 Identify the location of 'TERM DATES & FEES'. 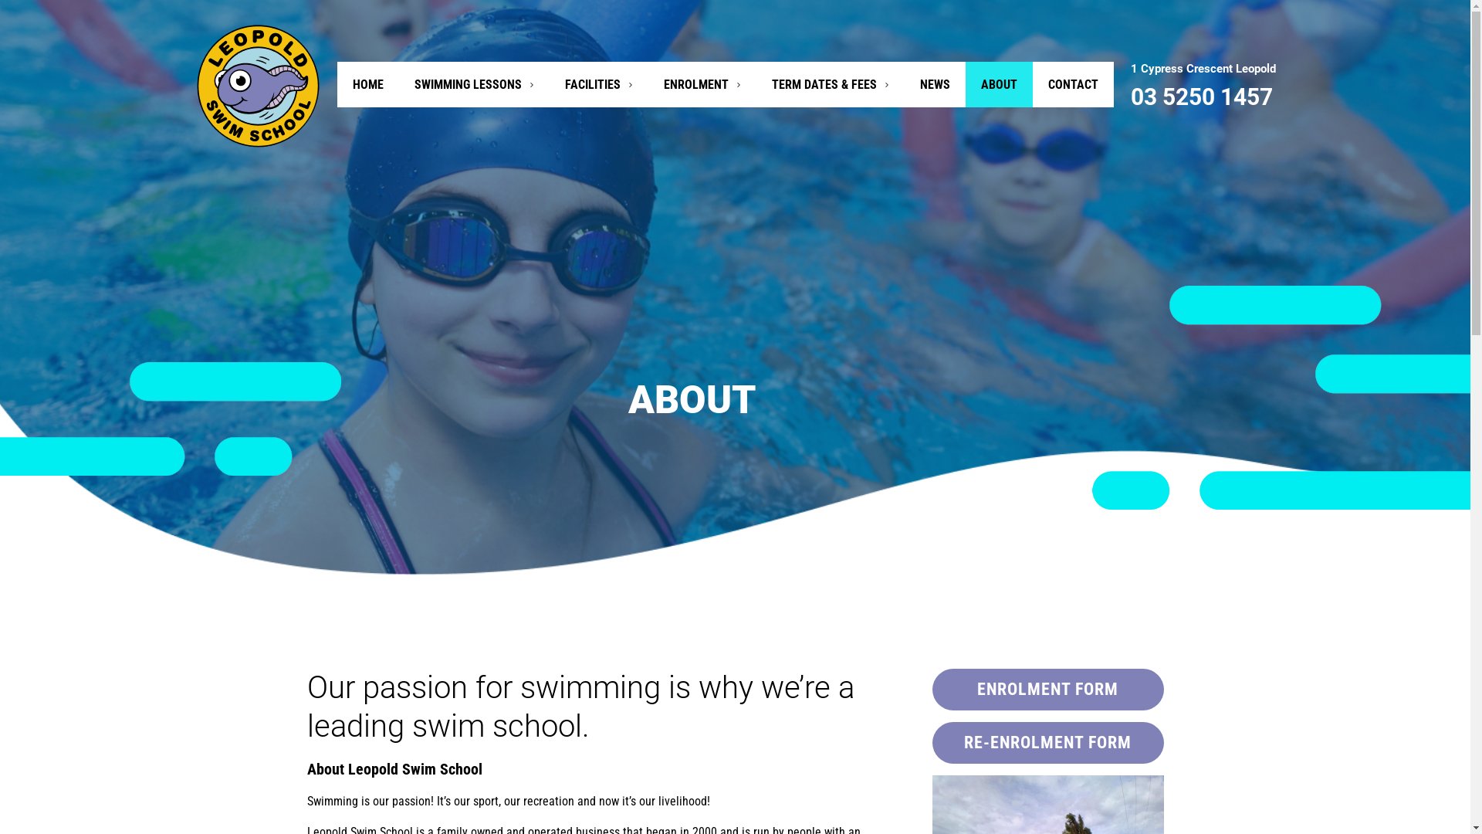
(829, 84).